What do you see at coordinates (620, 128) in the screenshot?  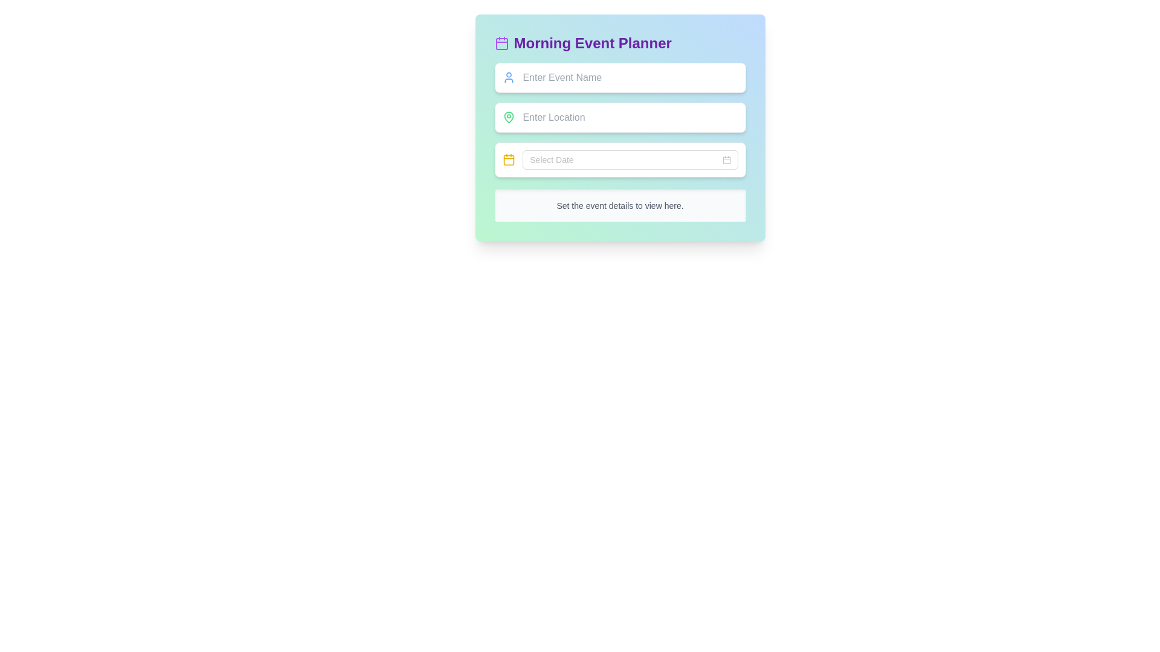 I see `inside the second text input field for entering the event location in the 'Morning Event Planner' section` at bounding box center [620, 128].